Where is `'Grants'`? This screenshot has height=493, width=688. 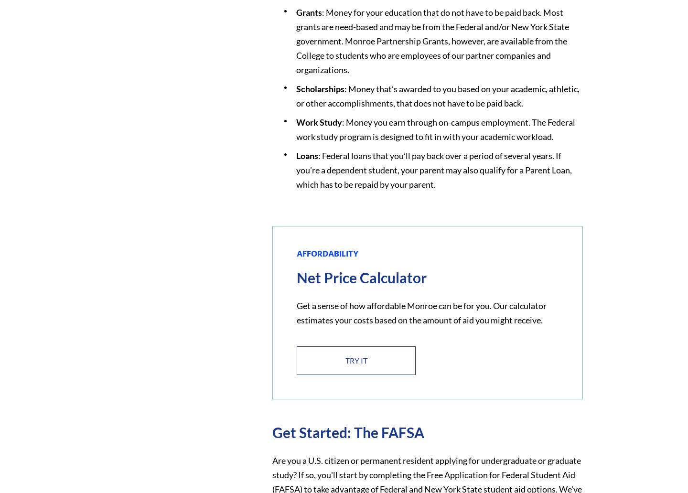
'Grants' is located at coordinates (308, 11).